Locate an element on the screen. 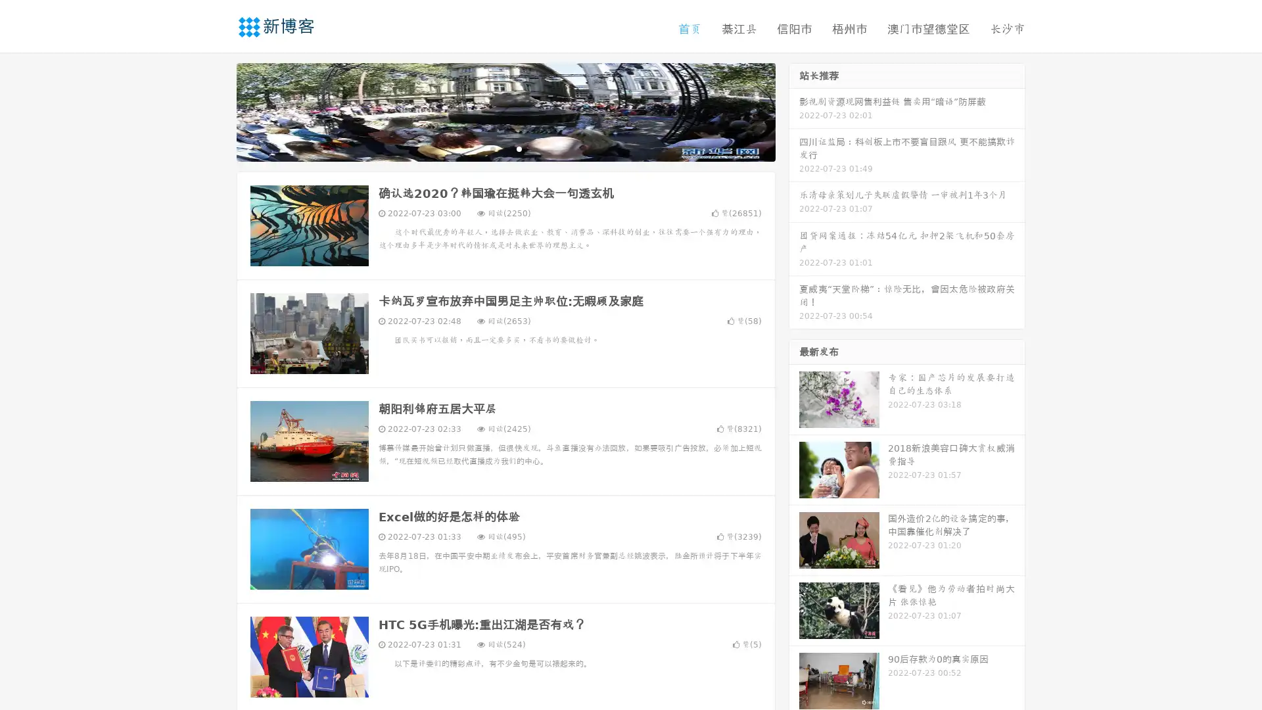  Next slide is located at coordinates (794, 110).